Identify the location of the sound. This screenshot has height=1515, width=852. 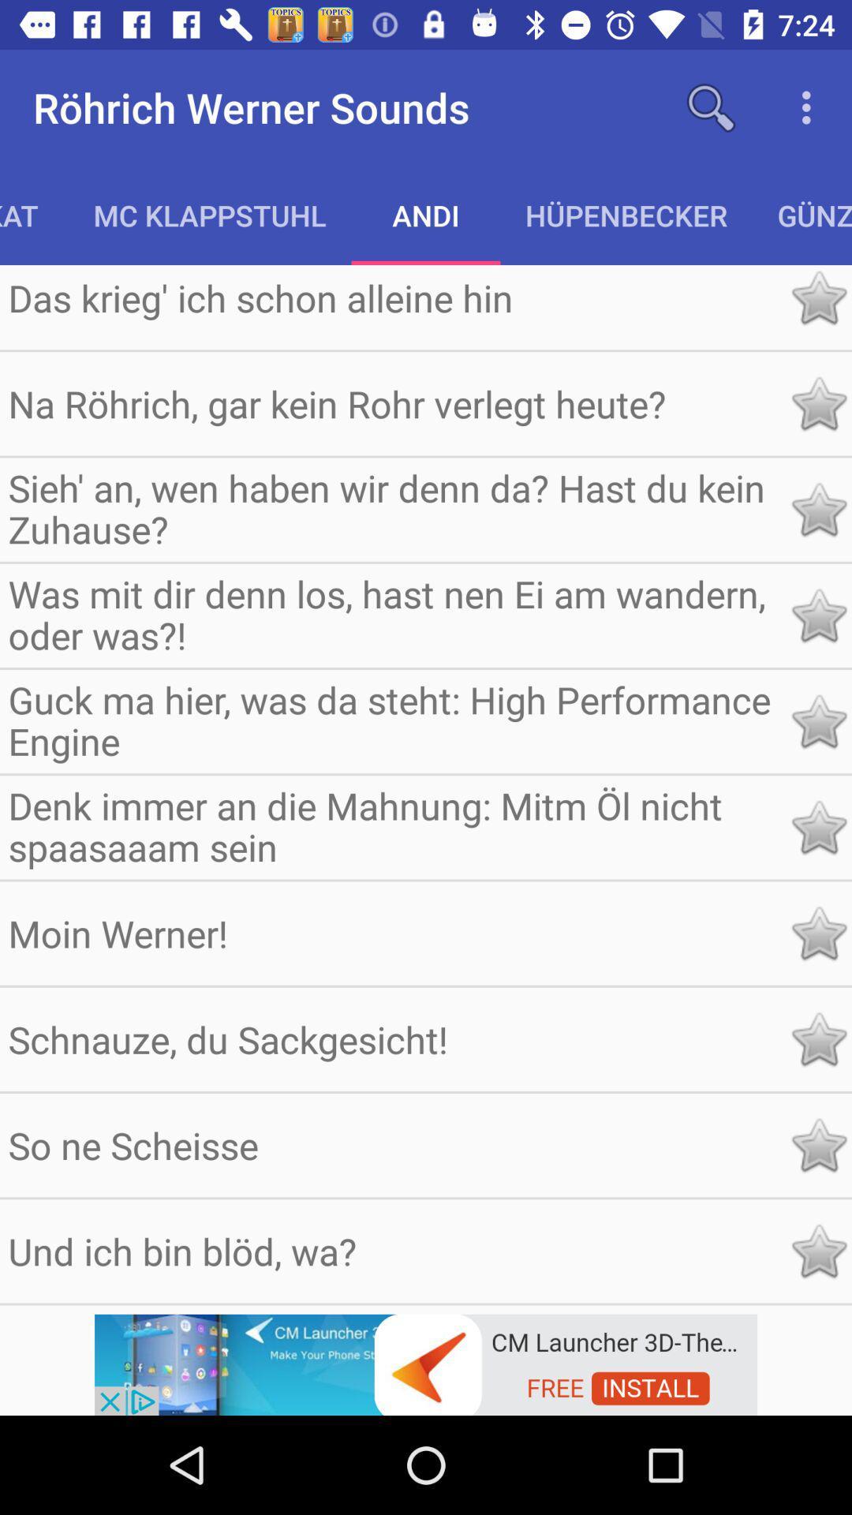
(817, 403).